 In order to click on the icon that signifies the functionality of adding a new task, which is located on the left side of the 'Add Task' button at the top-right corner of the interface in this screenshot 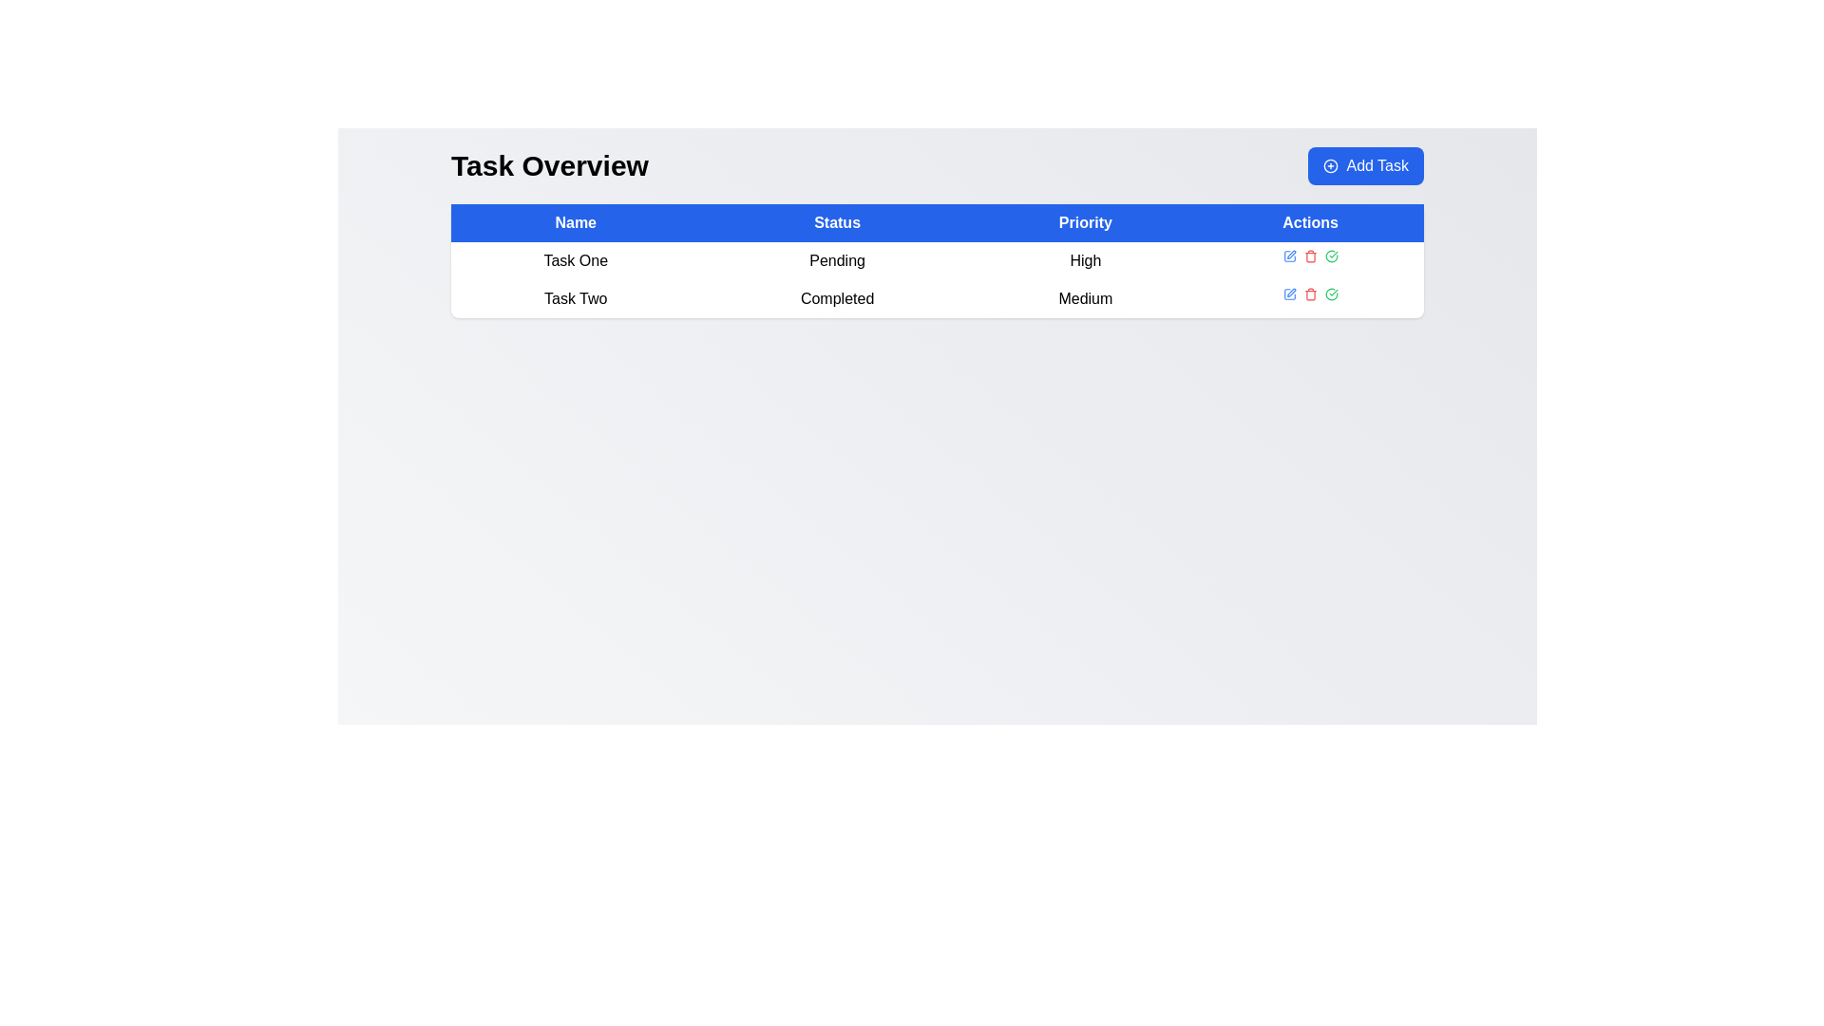, I will do `click(1330, 164)`.